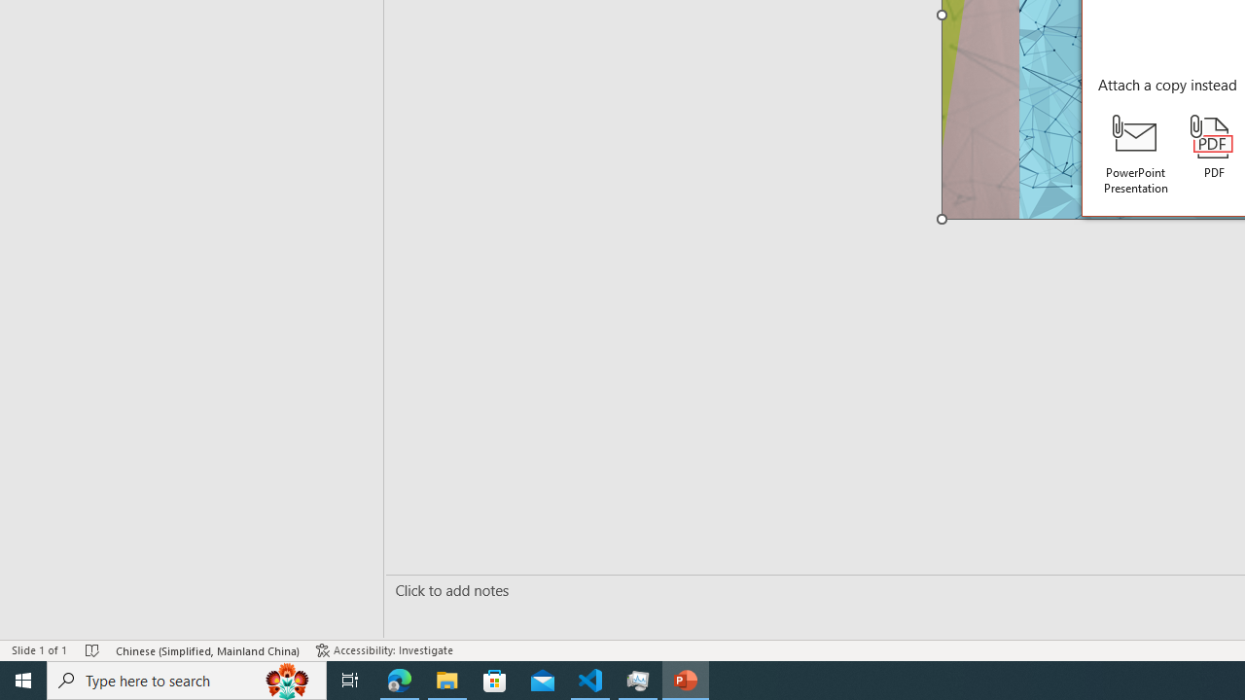  I want to click on 'File Explorer - 1 running window', so click(446, 679).